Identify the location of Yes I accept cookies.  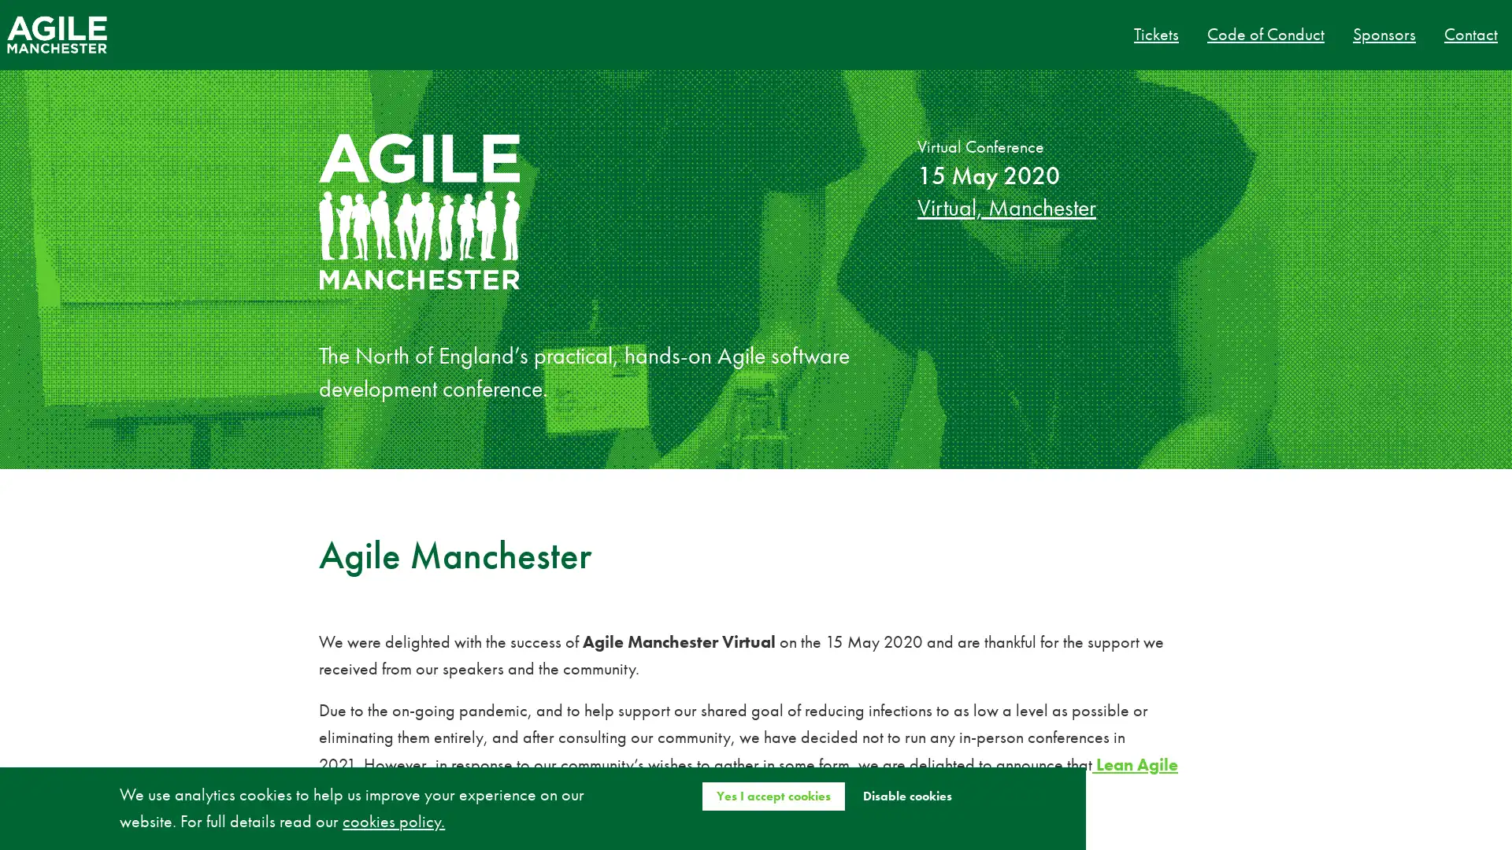
(773, 795).